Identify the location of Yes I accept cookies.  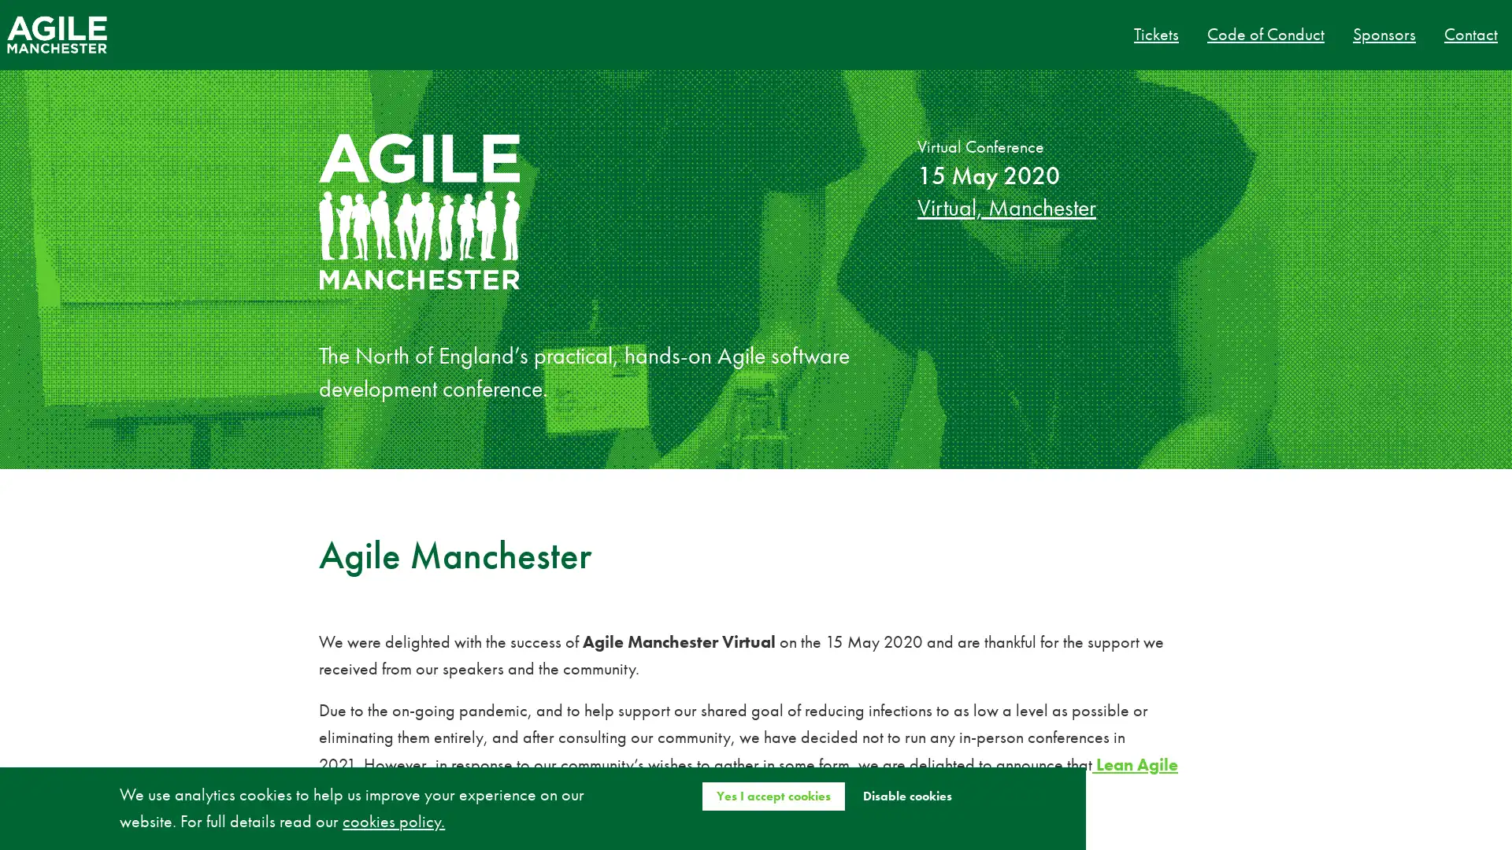
(773, 795).